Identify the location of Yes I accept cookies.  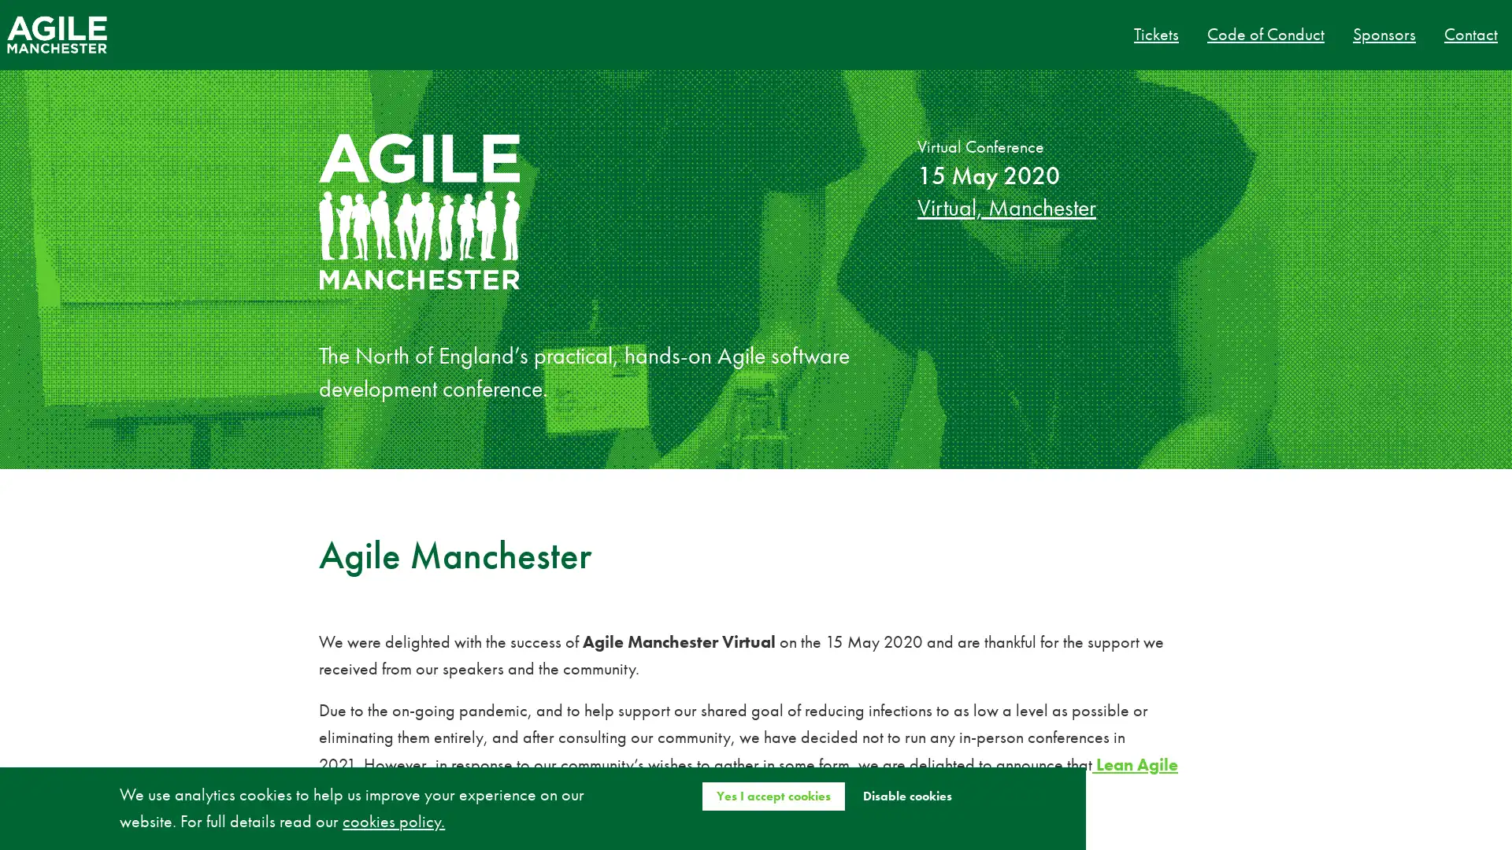
(773, 795).